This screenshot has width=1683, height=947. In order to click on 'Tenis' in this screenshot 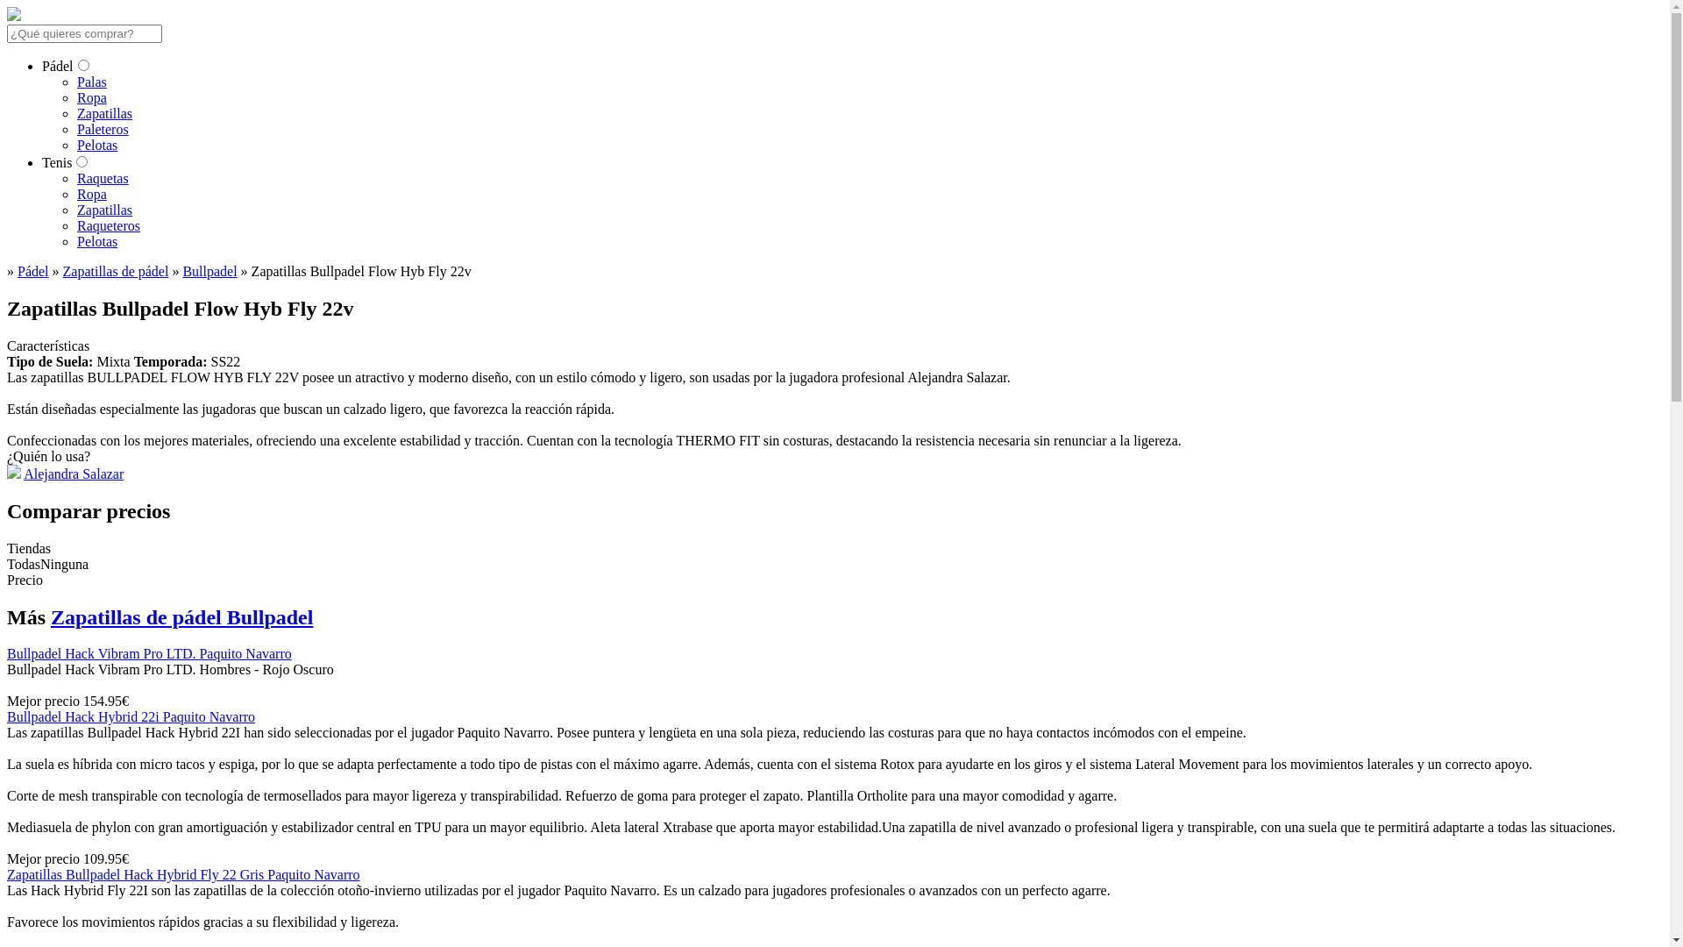, I will do `click(57, 162)`.